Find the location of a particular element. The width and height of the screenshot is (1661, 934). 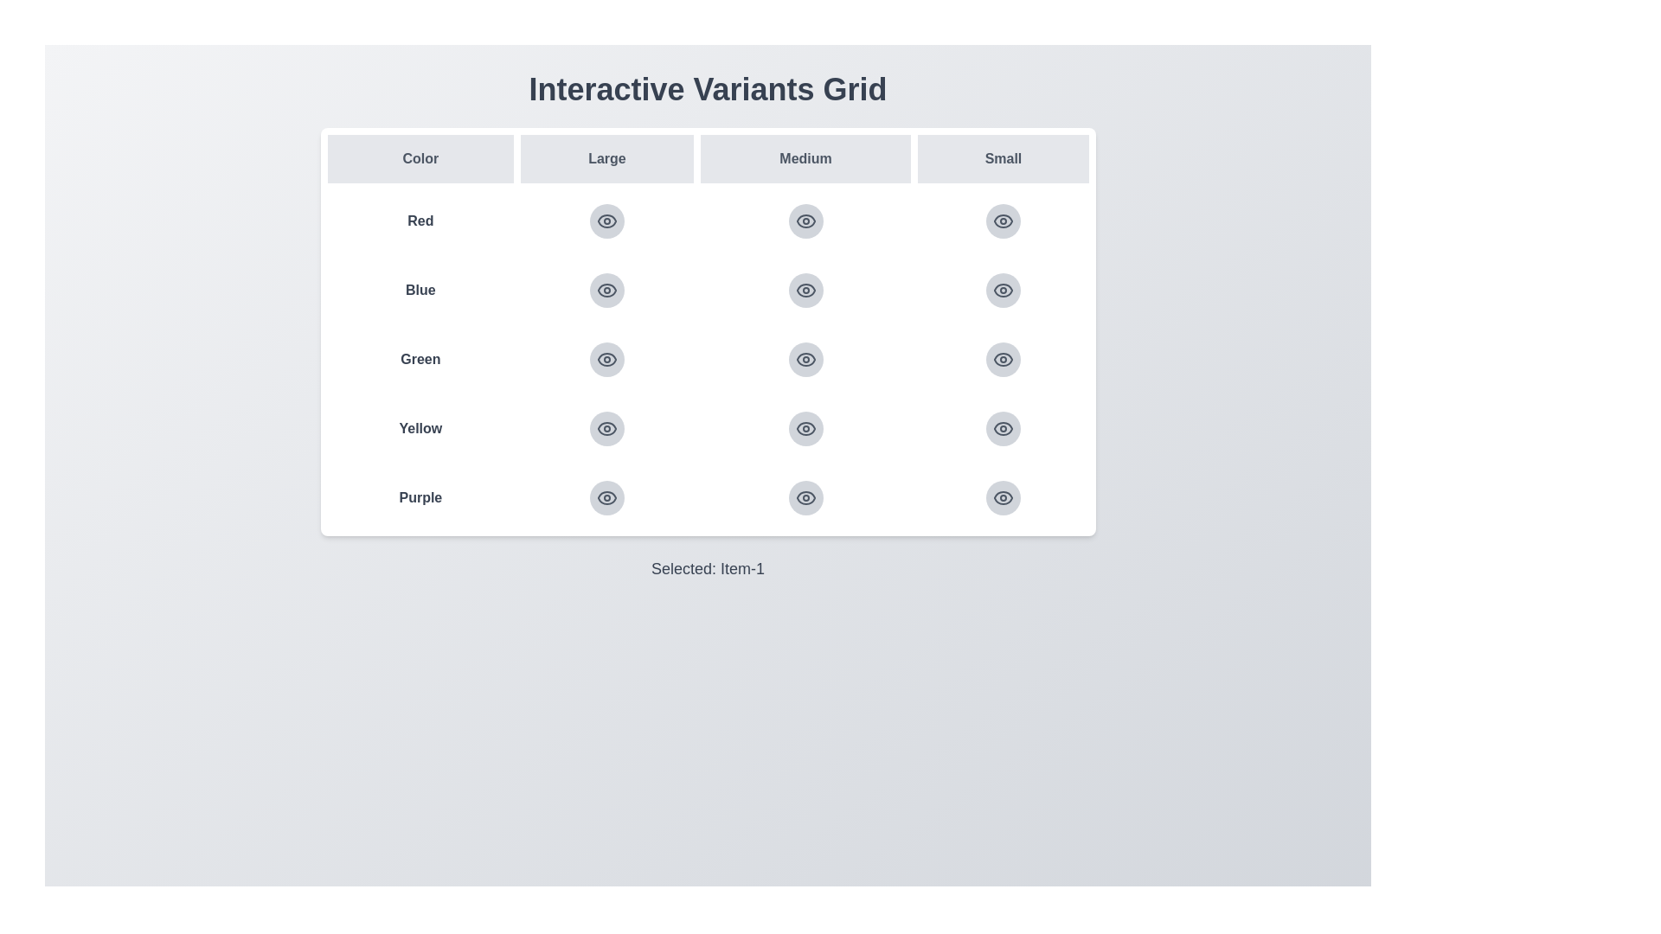

the small circular button in the row labeled 'Red' under the 'Medium' column in the grid interface is located at coordinates (708, 220).